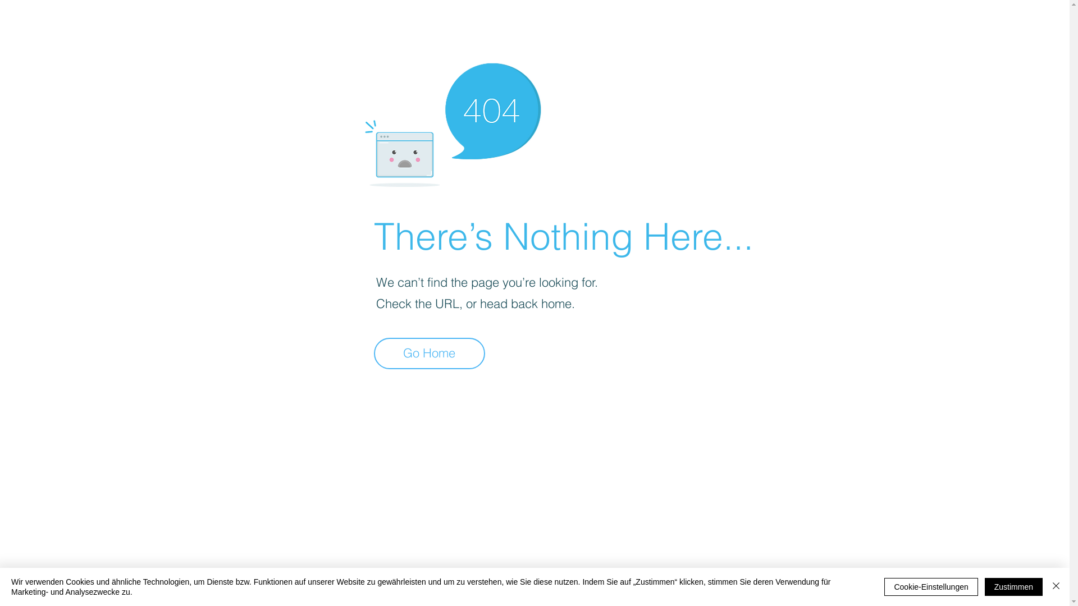  Describe the element at coordinates (374, 352) in the screenshot. I see `'Go Home'` at that location.